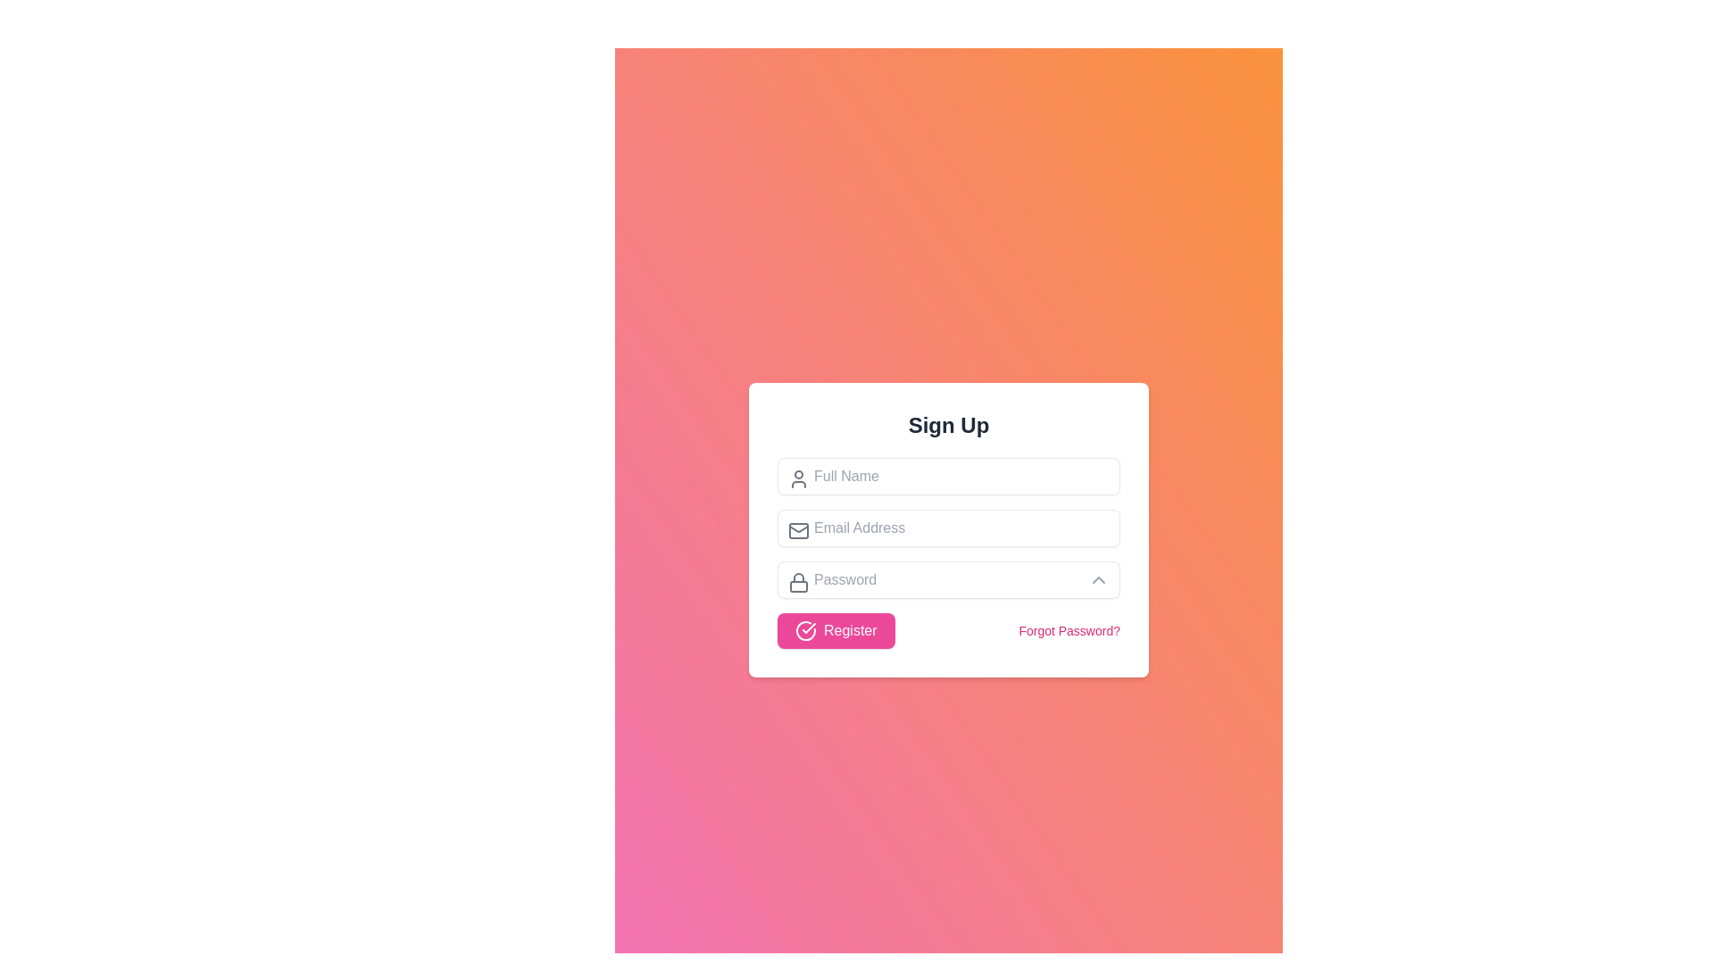  Describe the element at coordinates (804, 629) in the screenshot. I see `the decorative checkmark icon inside the 'Register' button, which emphasizes the button's purpose` at that location.